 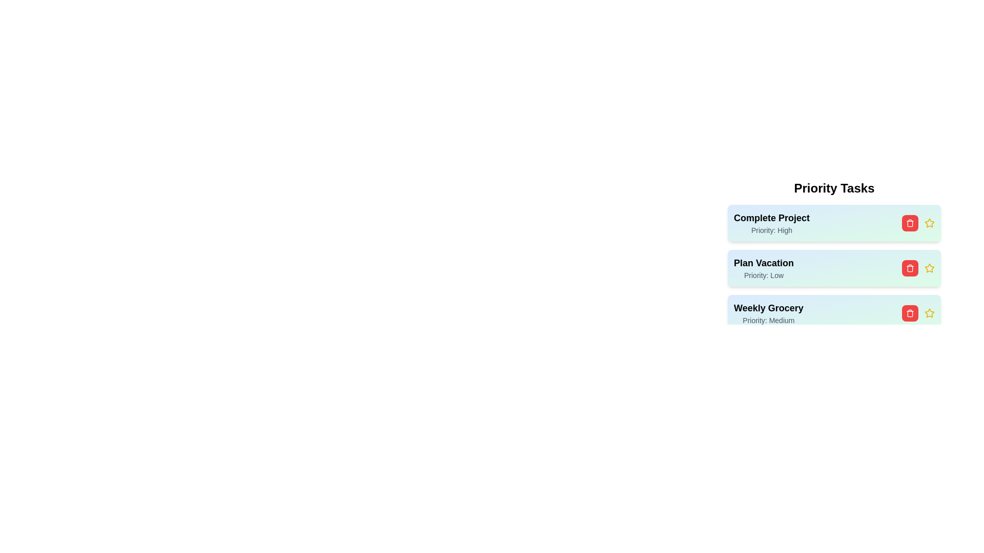 I want to click on delete button for the task titled 'Plan Vacation', so click(x=910, y=268).